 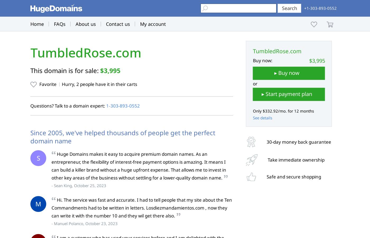 I want to click on '- Sean King, October 25, 2023', so click(x=52, y=185).